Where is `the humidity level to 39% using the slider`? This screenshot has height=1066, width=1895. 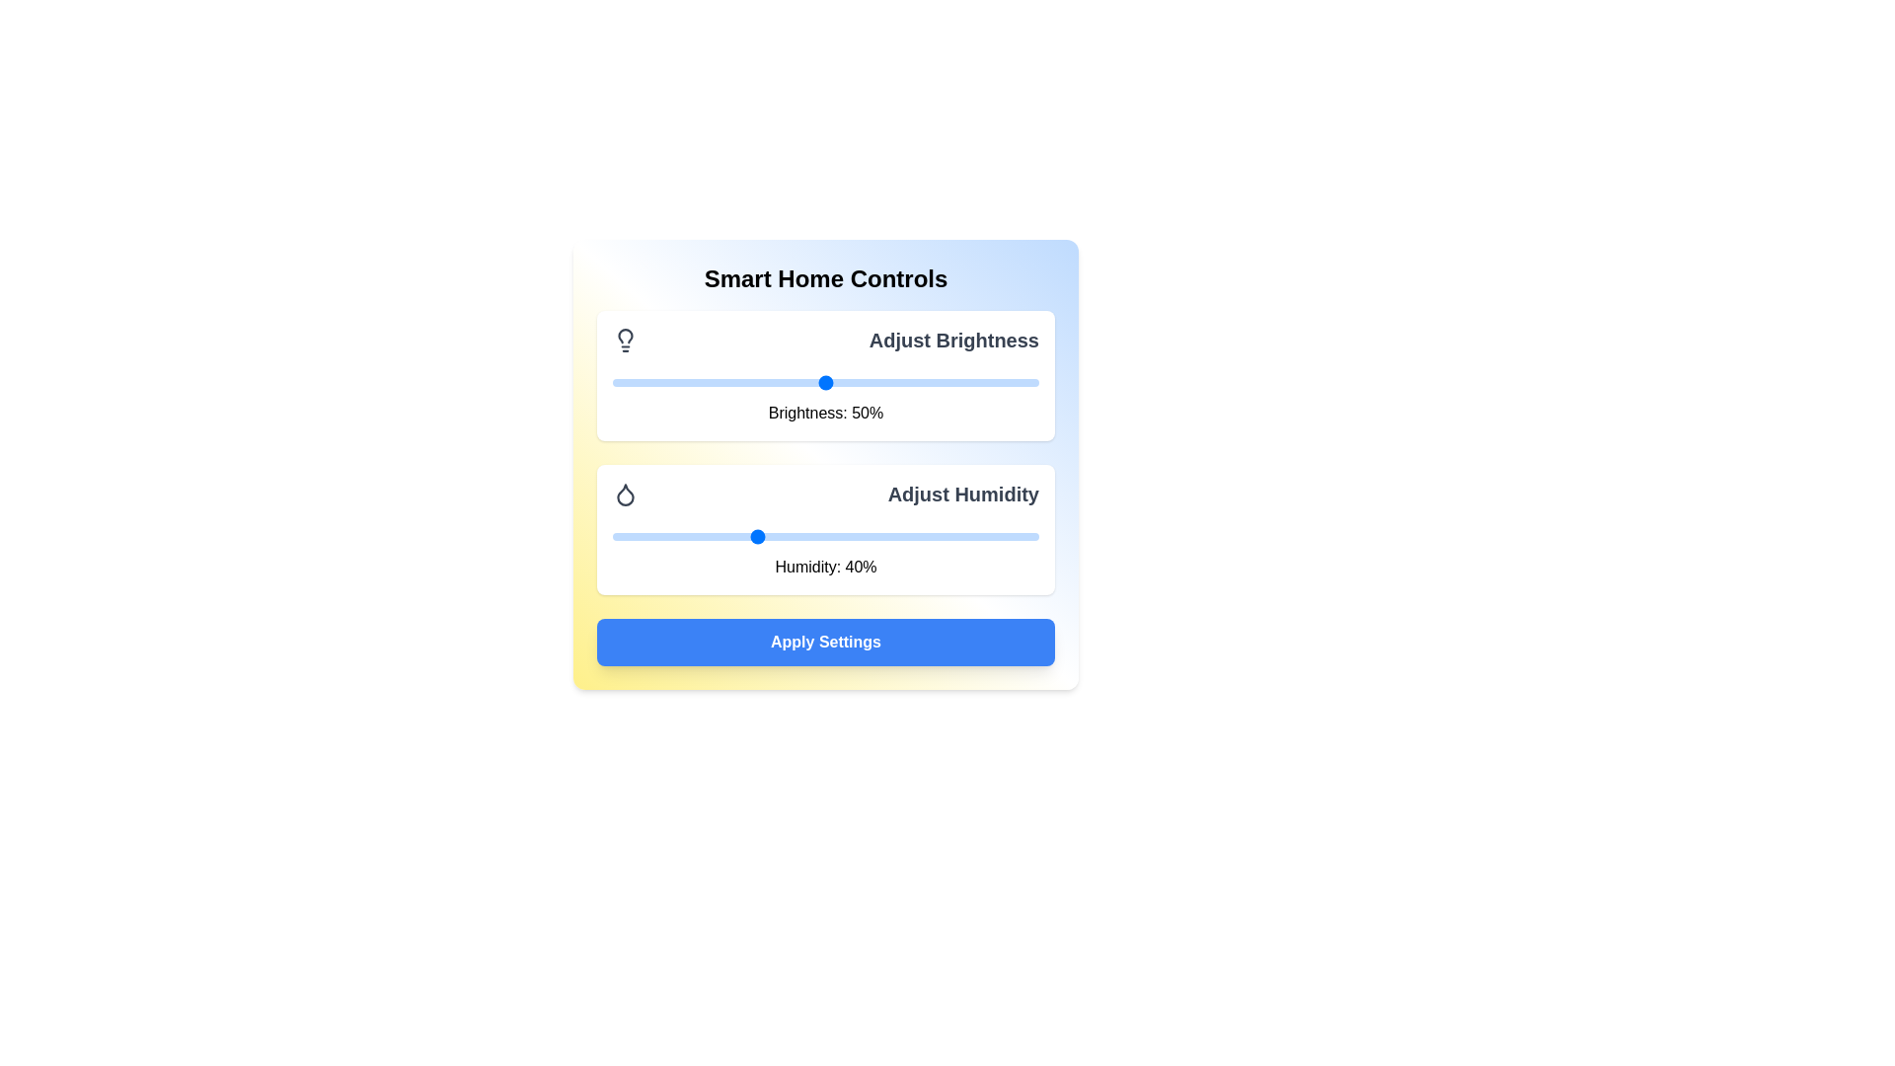
the humidity level to 39% using the slider is located at coordinates (746, 536).